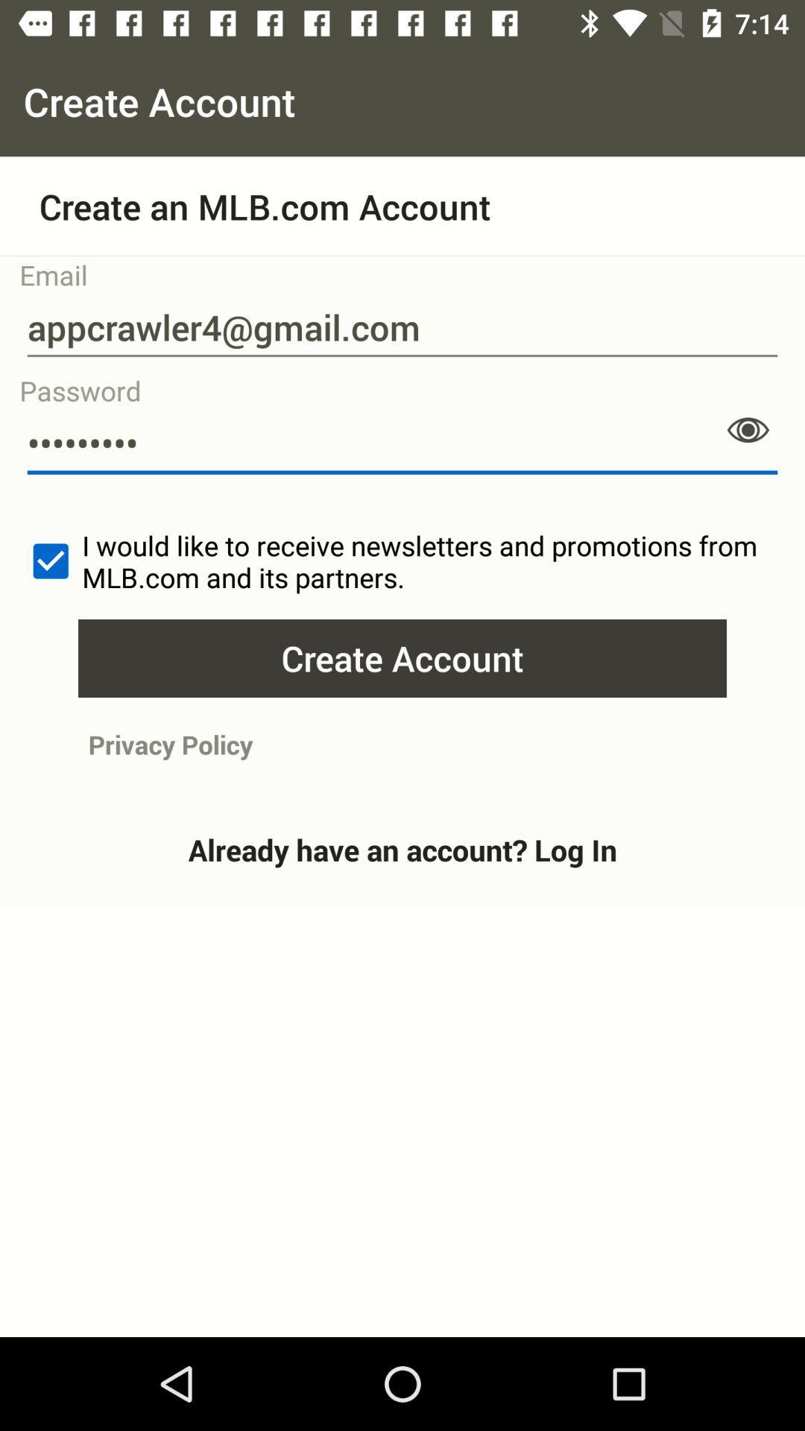  I want to click on show password, so click(748, 429).